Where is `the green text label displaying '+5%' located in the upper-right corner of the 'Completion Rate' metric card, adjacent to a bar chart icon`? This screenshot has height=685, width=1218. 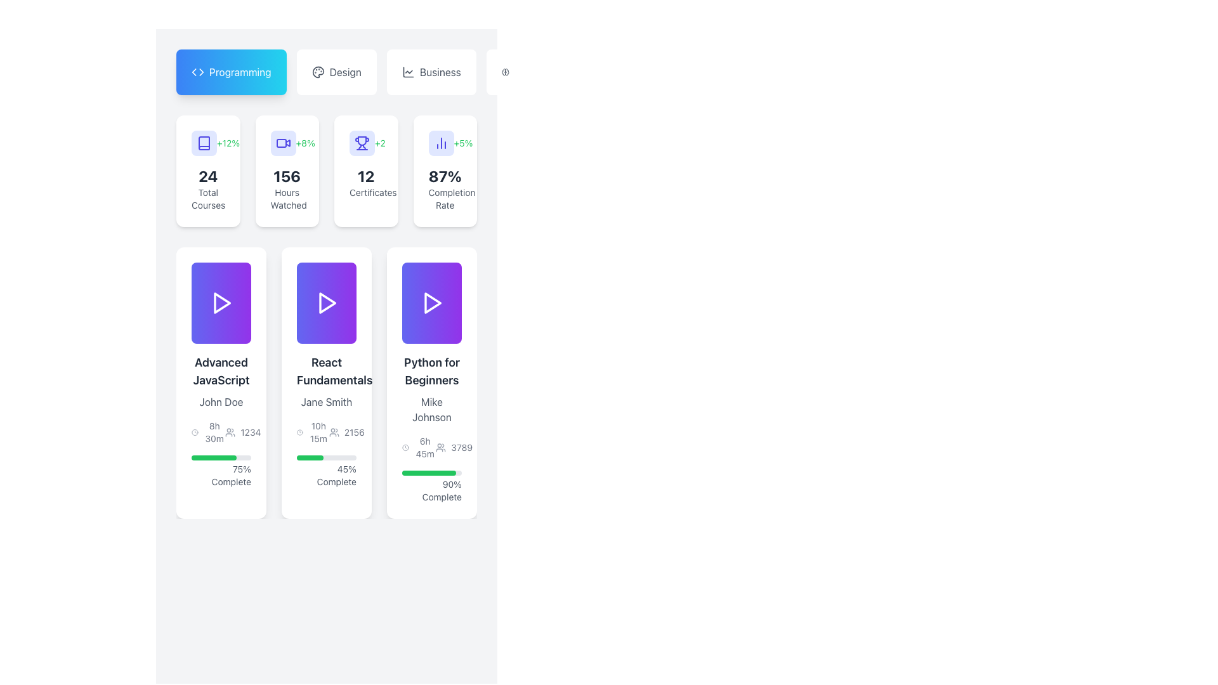
the green text label displaying '+5%' located in the upper-right corner of the 'Completion Rate' metric card, adjacent to a bar chart icon is located at coordinates (462, 143).